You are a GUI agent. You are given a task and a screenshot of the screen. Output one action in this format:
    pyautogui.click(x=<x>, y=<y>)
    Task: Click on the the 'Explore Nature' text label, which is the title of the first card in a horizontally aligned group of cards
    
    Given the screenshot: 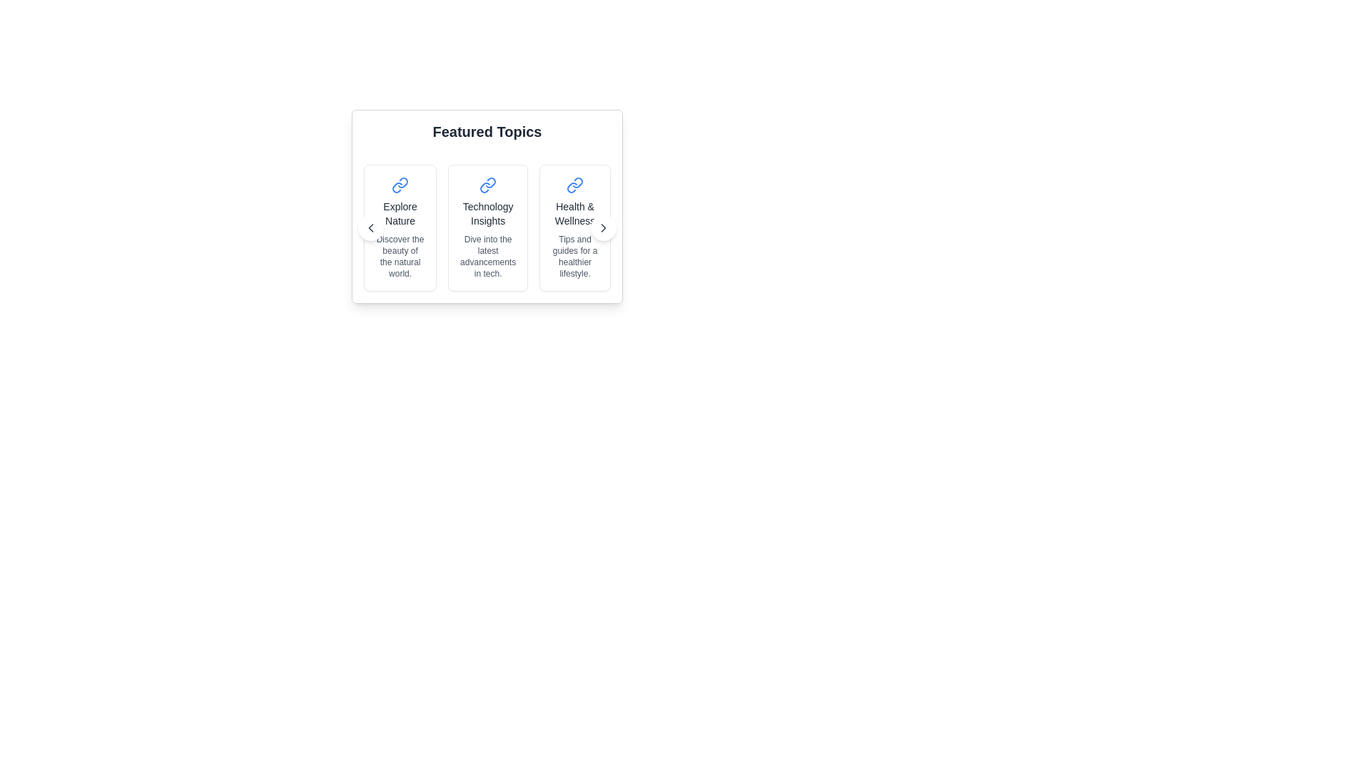 What is the action you would take?
    pyautogui.click(x=400, y=214)
    